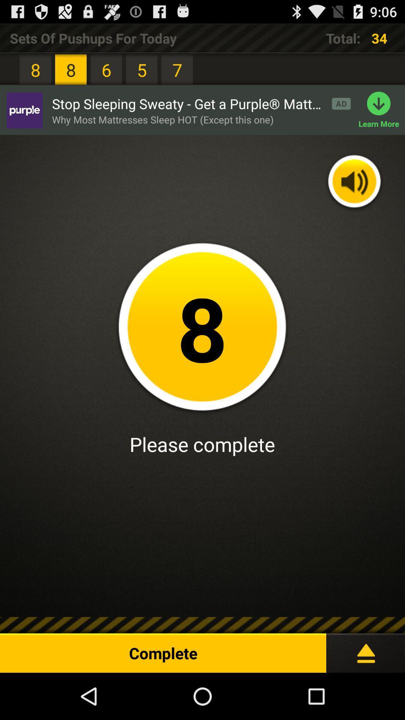  I want to click on the item to the left of the learn more icon, so click(162, 119).